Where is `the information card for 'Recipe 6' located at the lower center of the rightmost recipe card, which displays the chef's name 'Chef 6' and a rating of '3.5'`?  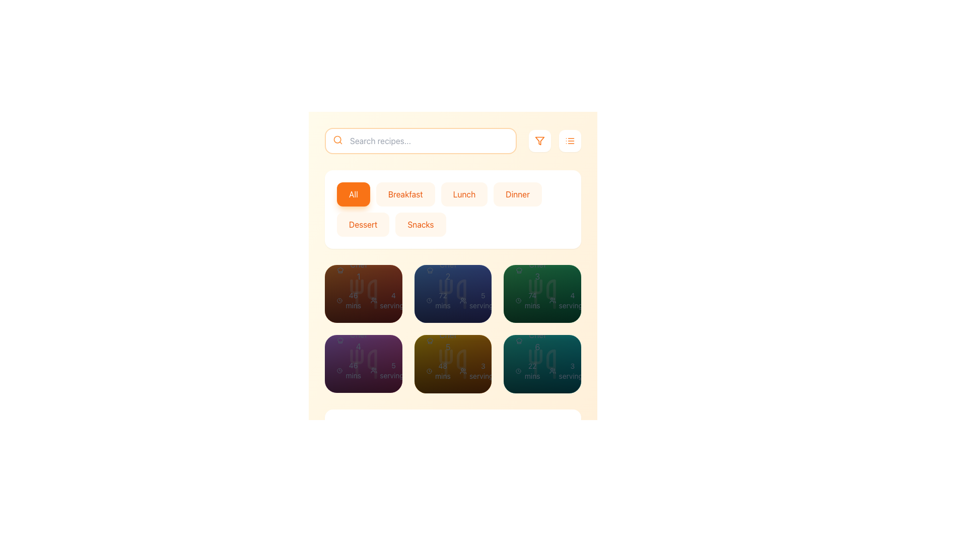 the information card for 'Recipe 6' located at the lower center of the rightmost recipe card, which displays the chef's name 'Chef 6' and a rating of '3.5' is located at coordinates (542, 326).